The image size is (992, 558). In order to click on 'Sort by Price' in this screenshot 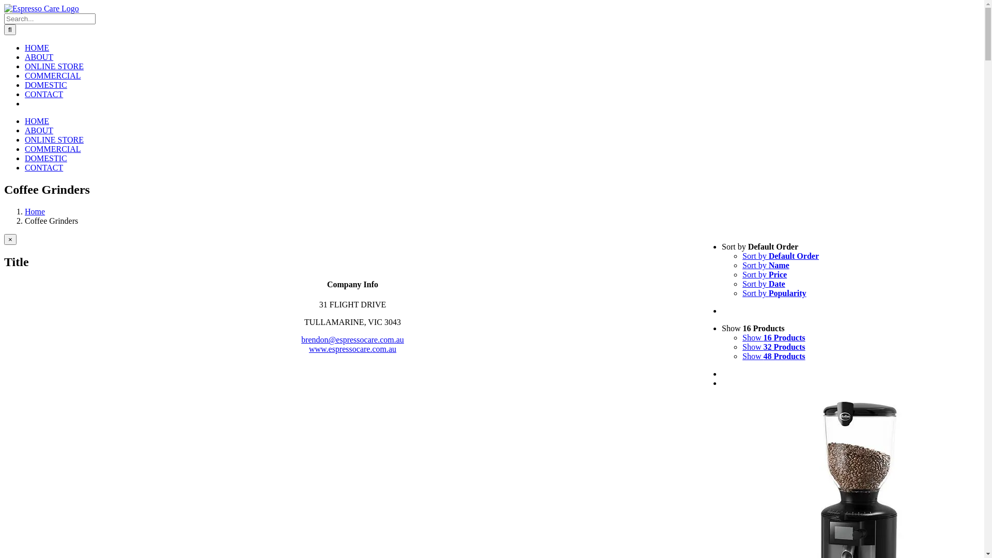, I will do `click(741, 274)`.